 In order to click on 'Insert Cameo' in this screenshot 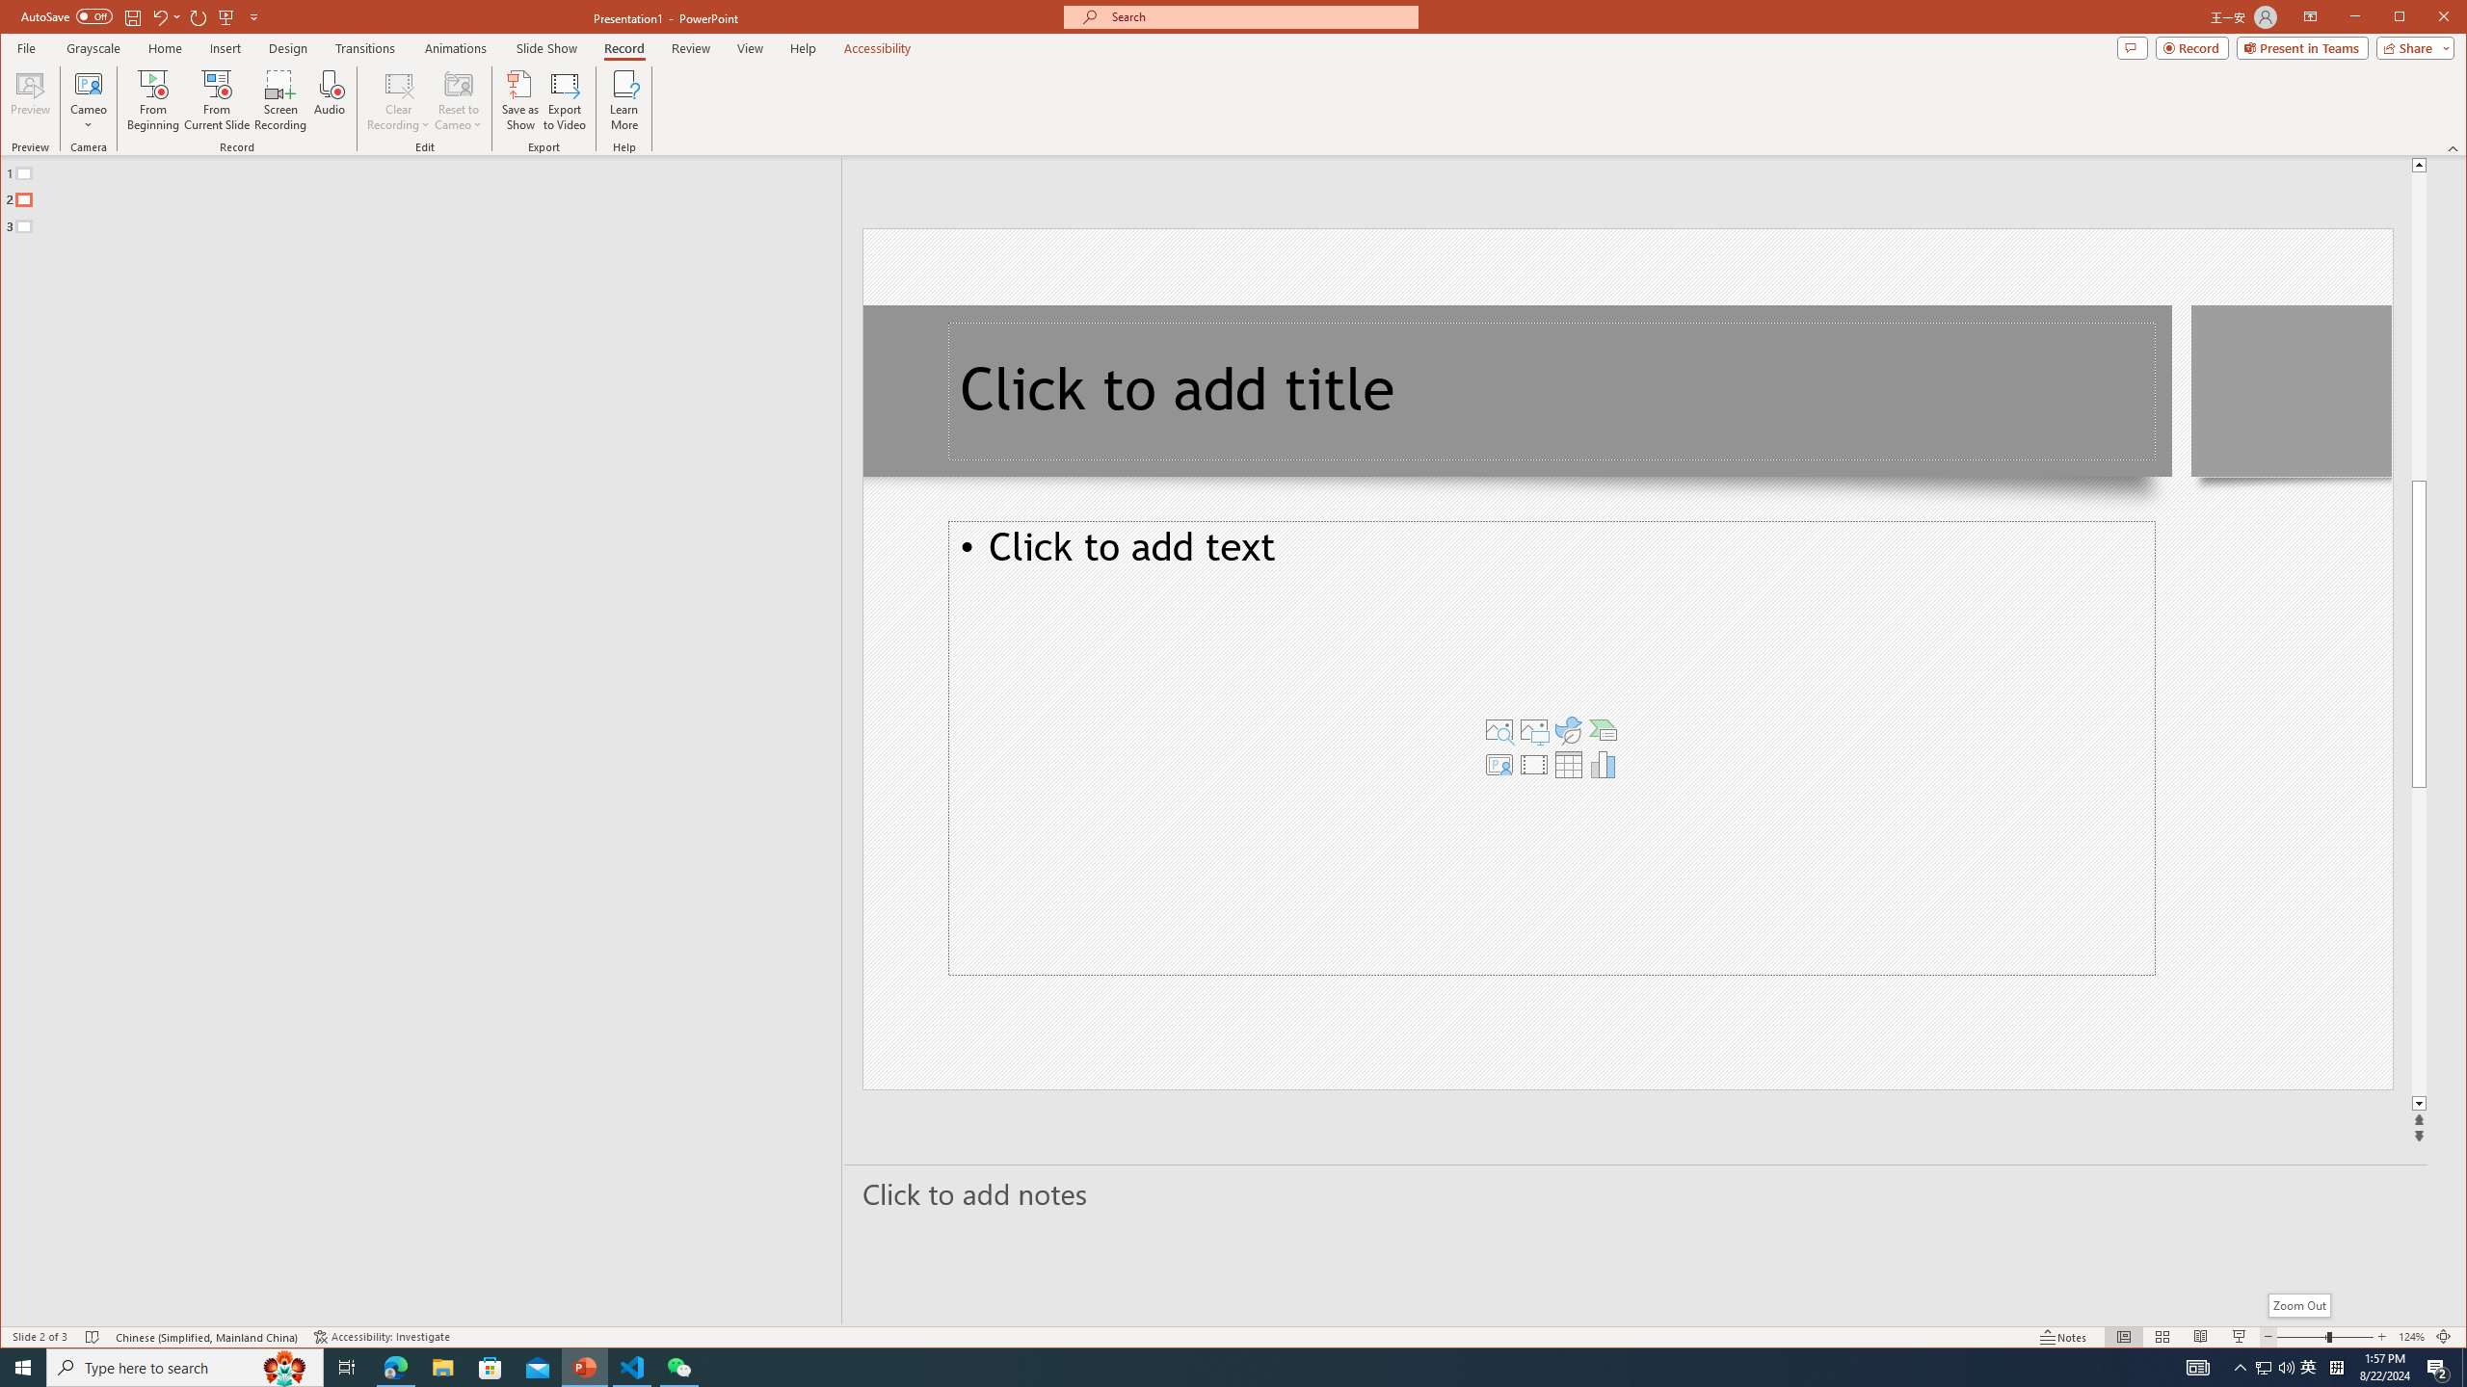, I will do `click(1499, 763)`.